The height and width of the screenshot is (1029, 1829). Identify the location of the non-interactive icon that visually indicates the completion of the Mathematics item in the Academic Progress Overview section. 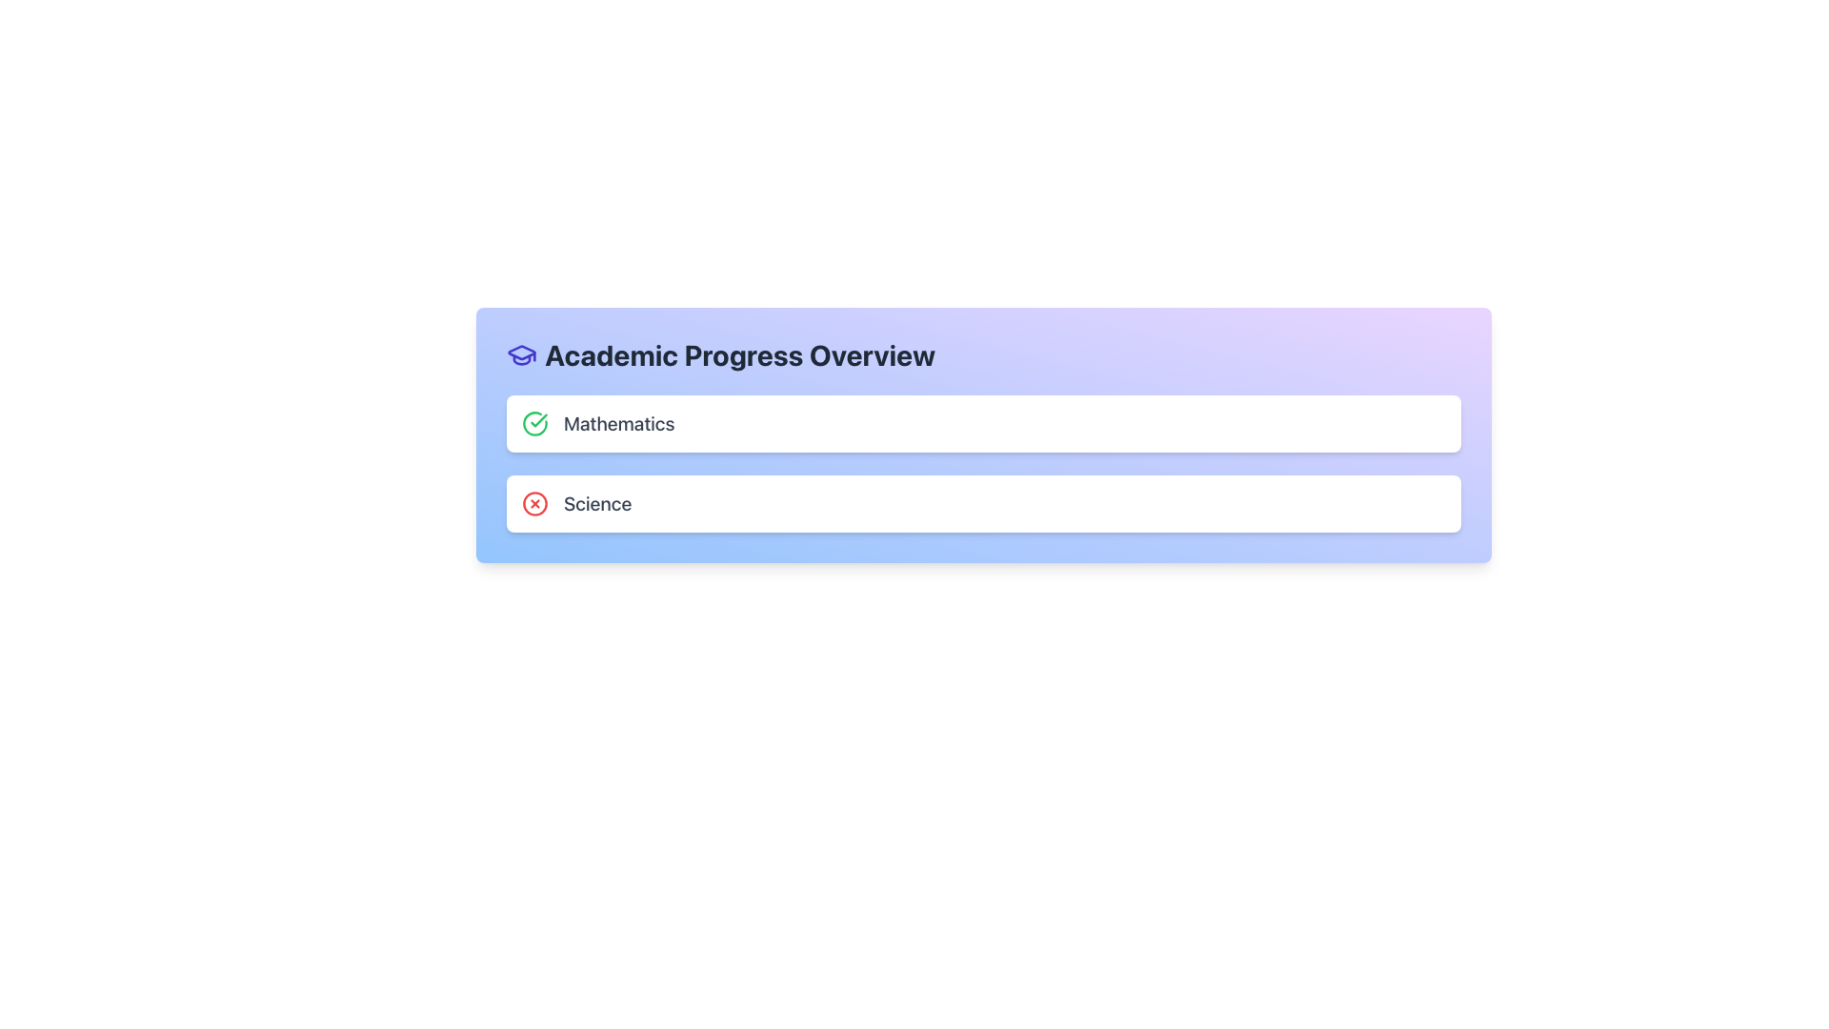
(533, 422).